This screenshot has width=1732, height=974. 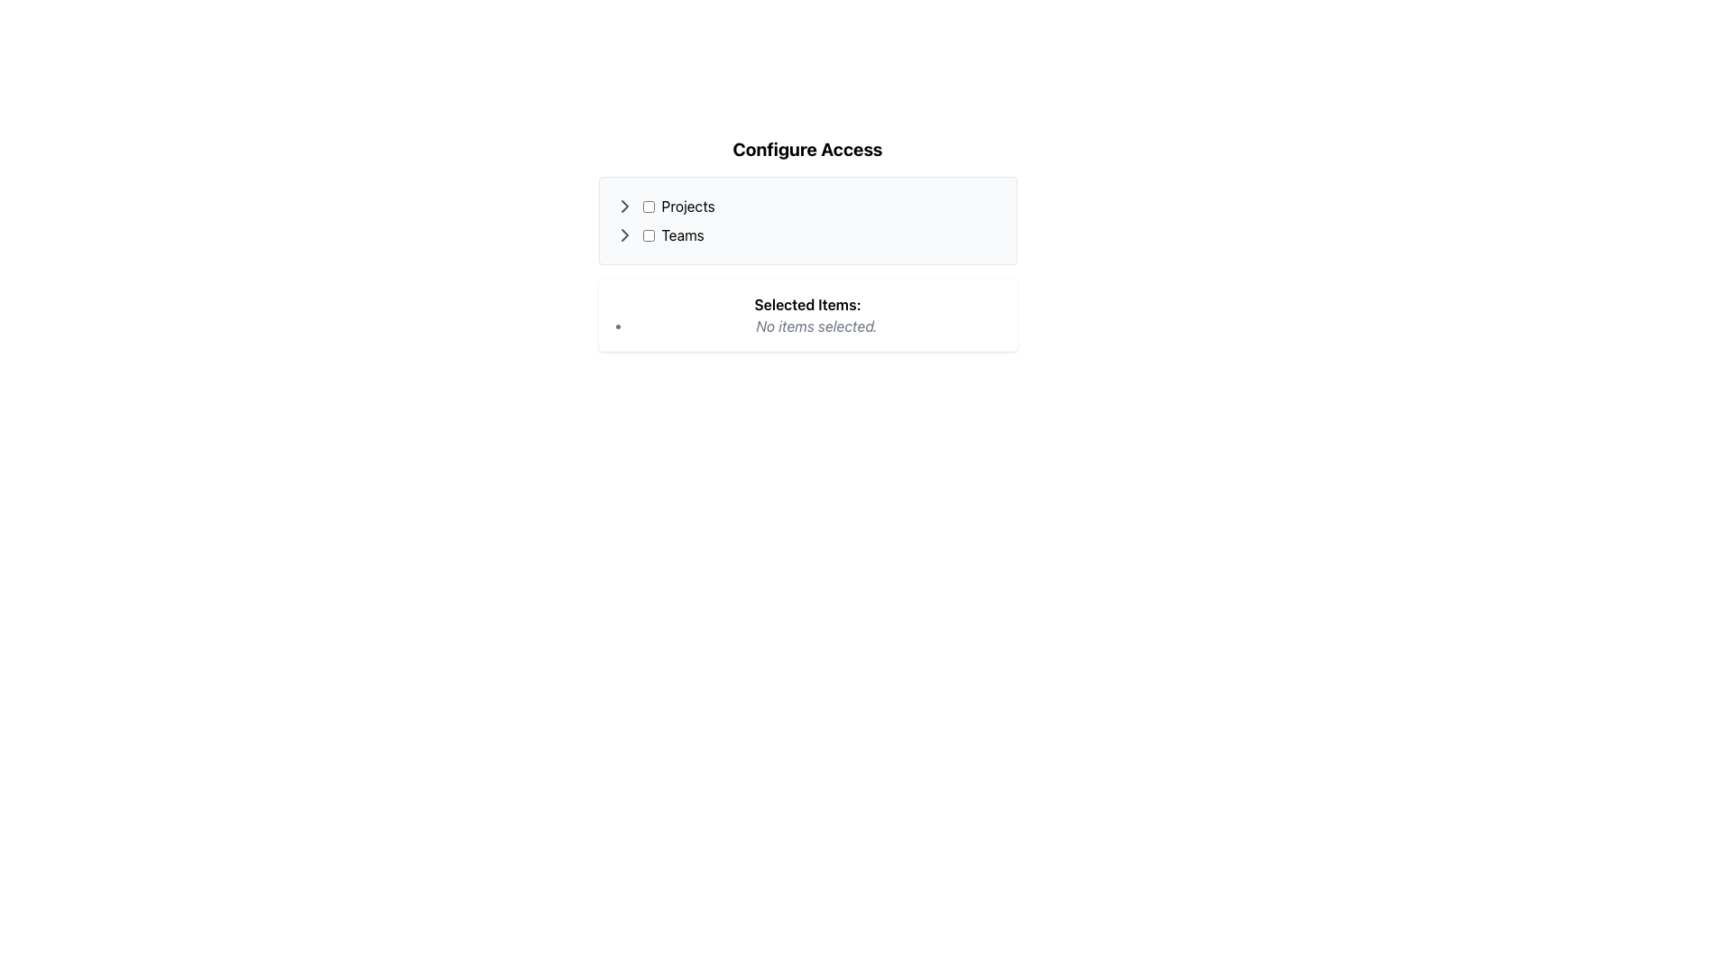 I want to click on the text label that reads 'Selected Items:' which is styled in bold and serves as a heading for item selection details, so click(x=806, y=304).